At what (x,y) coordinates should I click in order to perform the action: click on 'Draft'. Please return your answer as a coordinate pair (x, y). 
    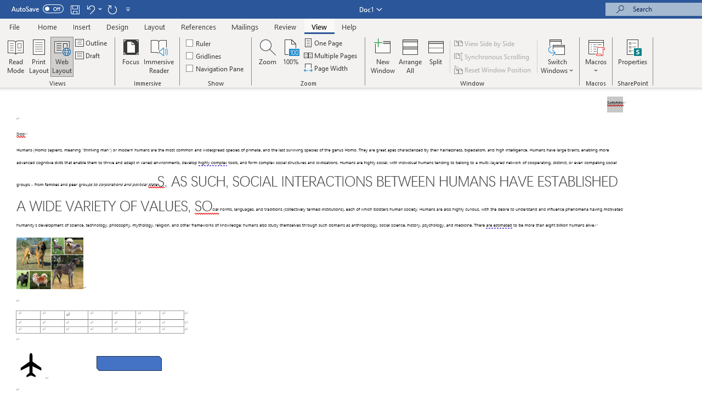
    Looking at the image, I should click on (88, 55).